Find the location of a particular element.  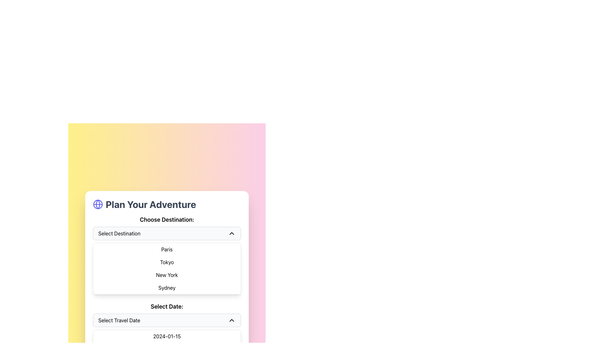

the text label displaying 'Paris' in the dropdown under 'Choose Destination' is located at coordinates (167, 249).